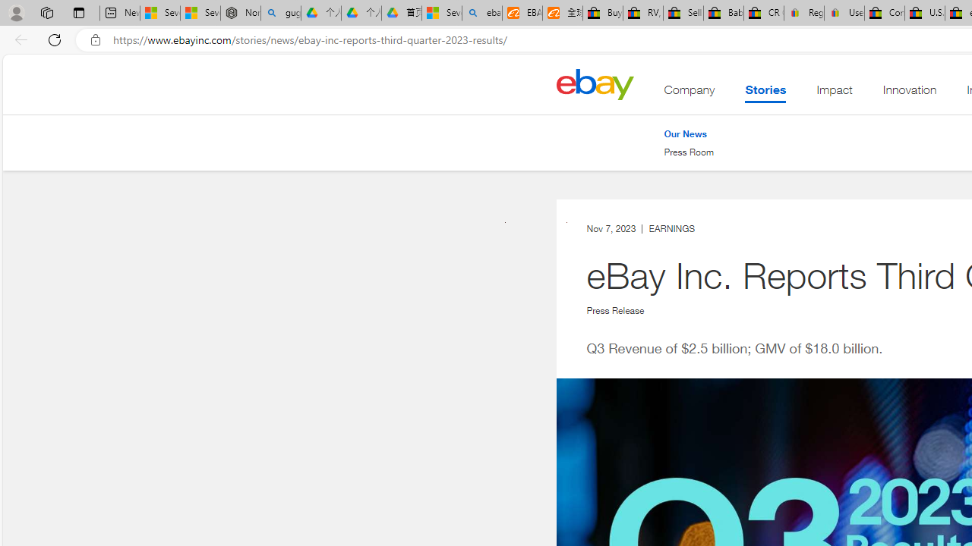 Image resolution: width=972 pixels, height=546 pixels. Describe the element at coordinates (688, 152) in the screenshot. I see `'Press Room'` at that location.